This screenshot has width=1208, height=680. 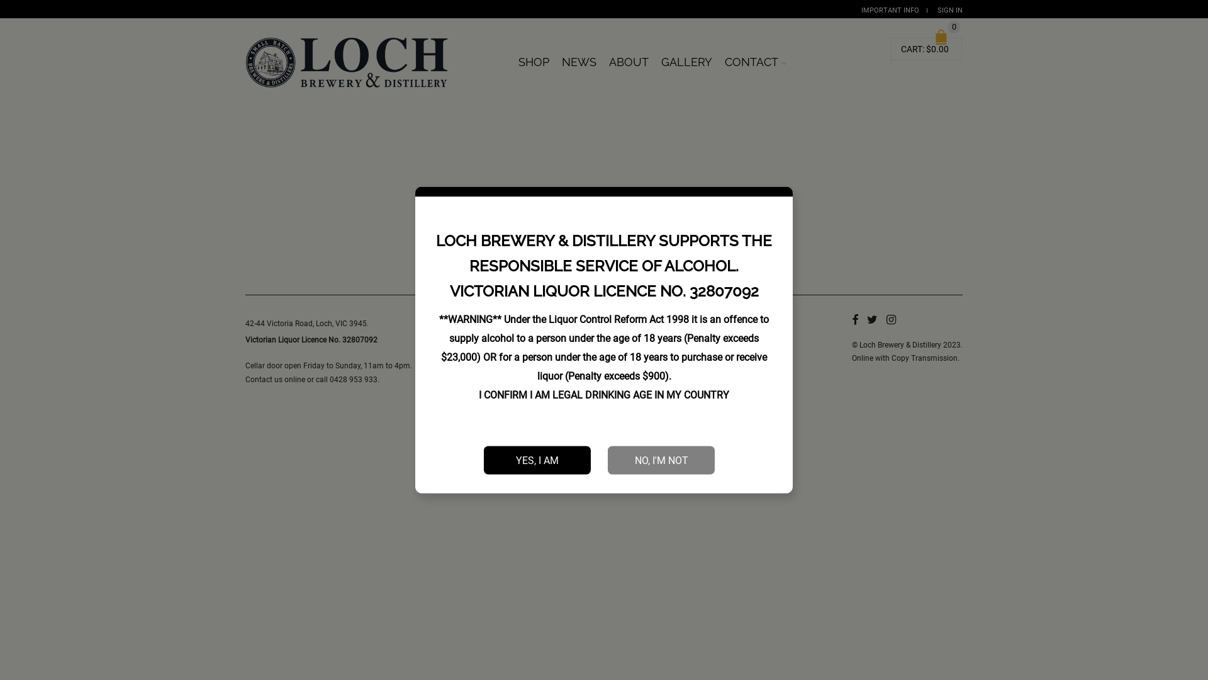 I want to click on 'CONTACT', so click(x=755, y=62).